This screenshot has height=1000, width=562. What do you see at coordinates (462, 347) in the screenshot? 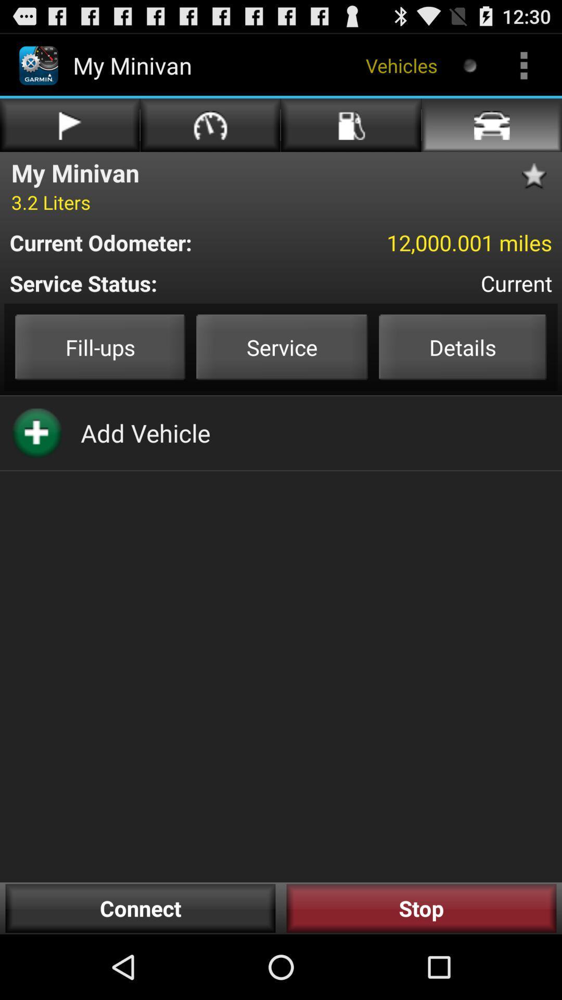
I see `details item` at bounding box center [462, 347].